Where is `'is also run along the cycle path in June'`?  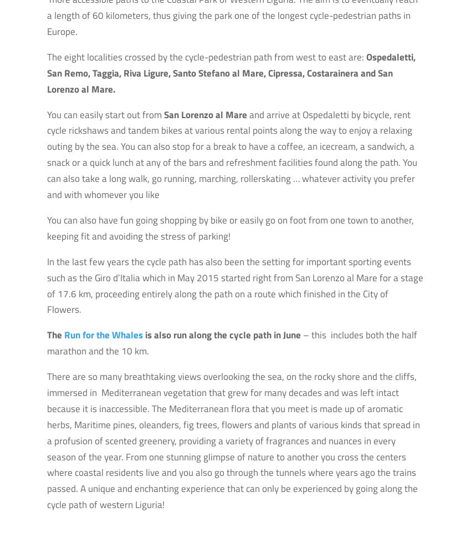 'is also run along the cycle path in June' is located at coordinates (222, 335).